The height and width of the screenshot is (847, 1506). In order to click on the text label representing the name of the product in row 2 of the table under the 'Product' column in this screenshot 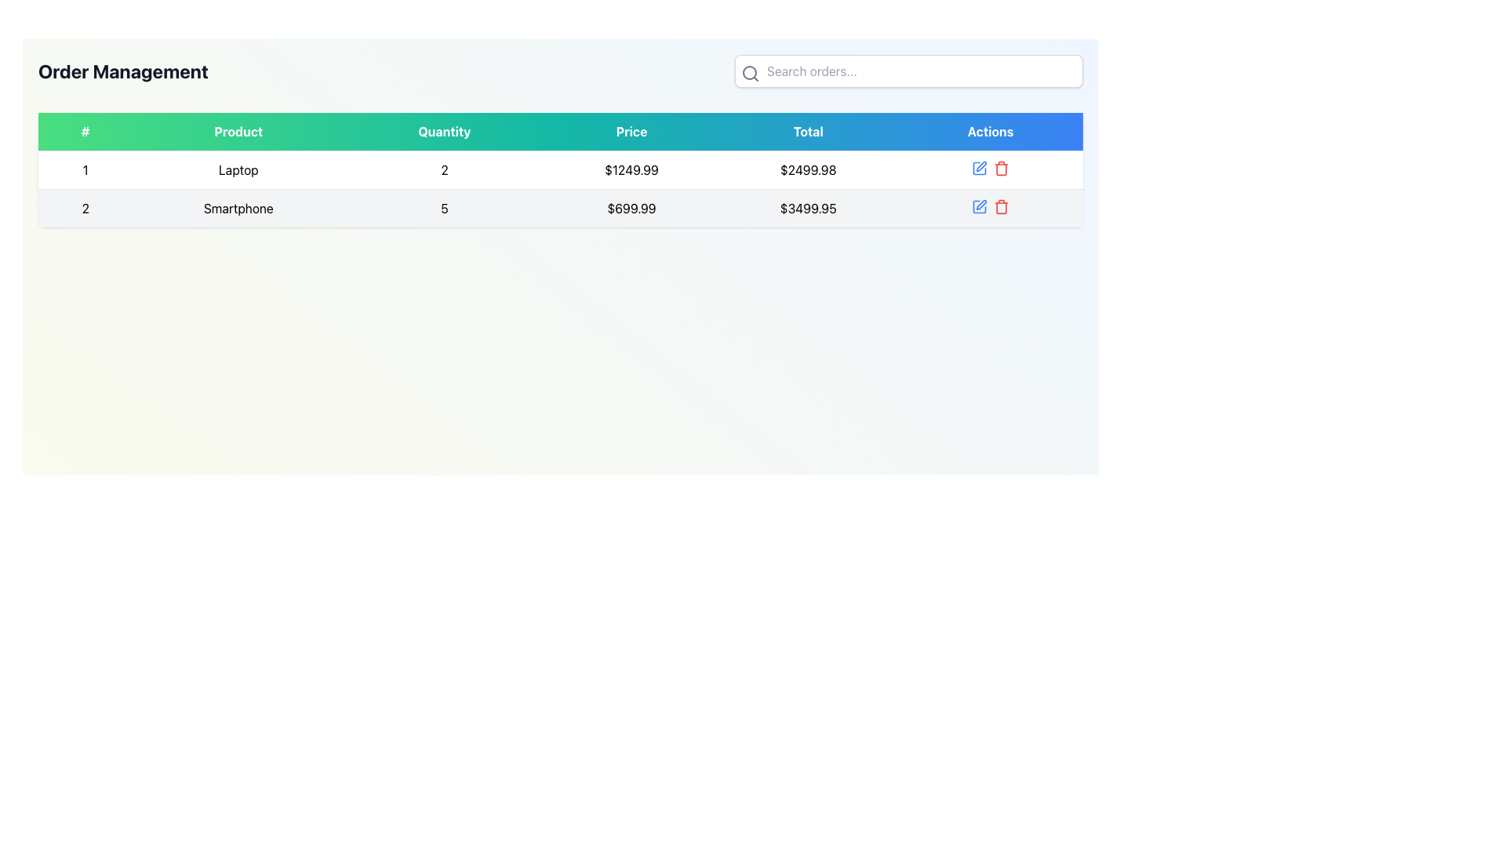, I will do `click(238, 207)`.